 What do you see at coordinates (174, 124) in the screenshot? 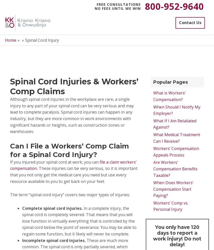
I see `'What If I Am Retaliated Against?'` at bounding box center [174, 124].